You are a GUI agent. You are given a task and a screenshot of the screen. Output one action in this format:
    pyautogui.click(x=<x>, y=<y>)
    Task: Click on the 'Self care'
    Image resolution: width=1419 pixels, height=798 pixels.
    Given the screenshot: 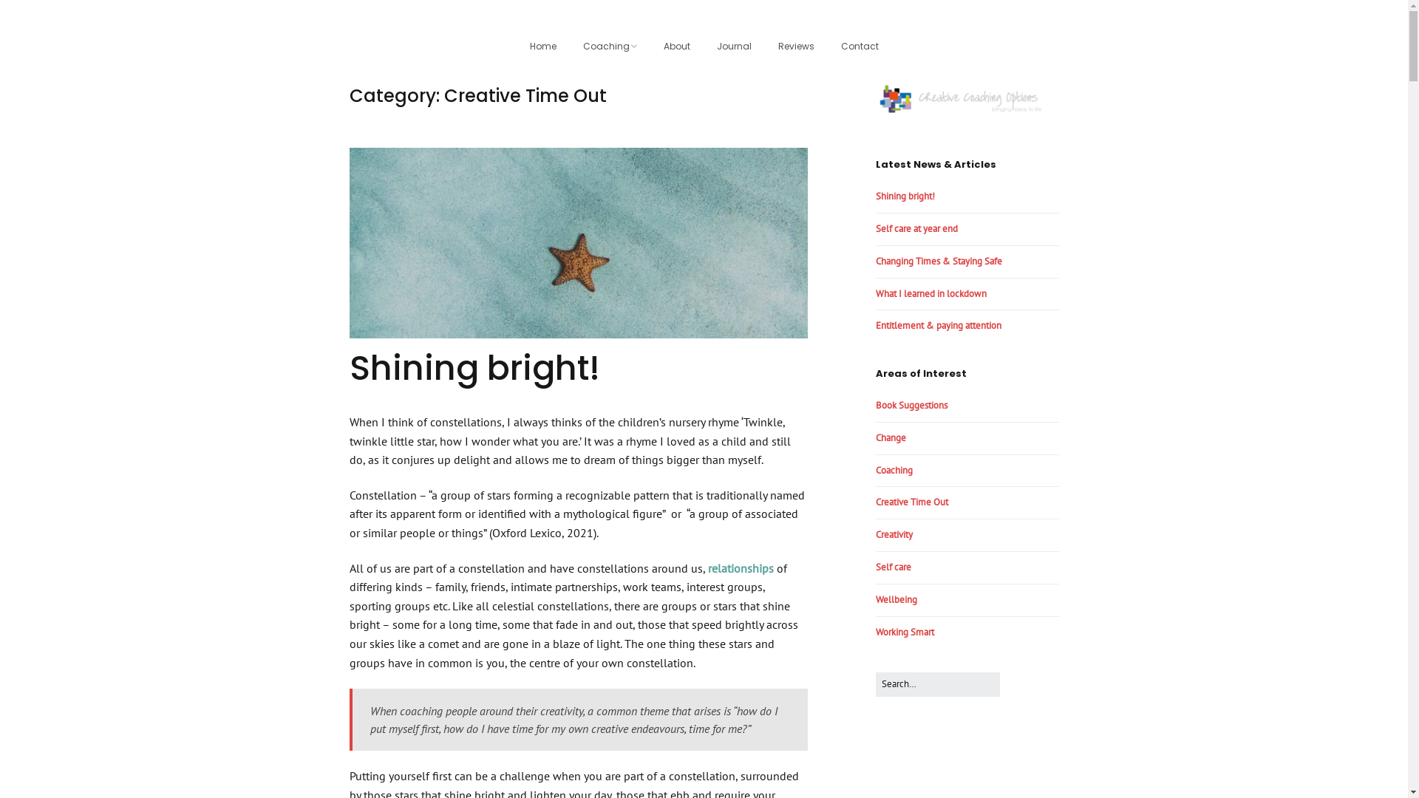 What is the action you would take?
    pyautogui.click(x=892, y=566)
    